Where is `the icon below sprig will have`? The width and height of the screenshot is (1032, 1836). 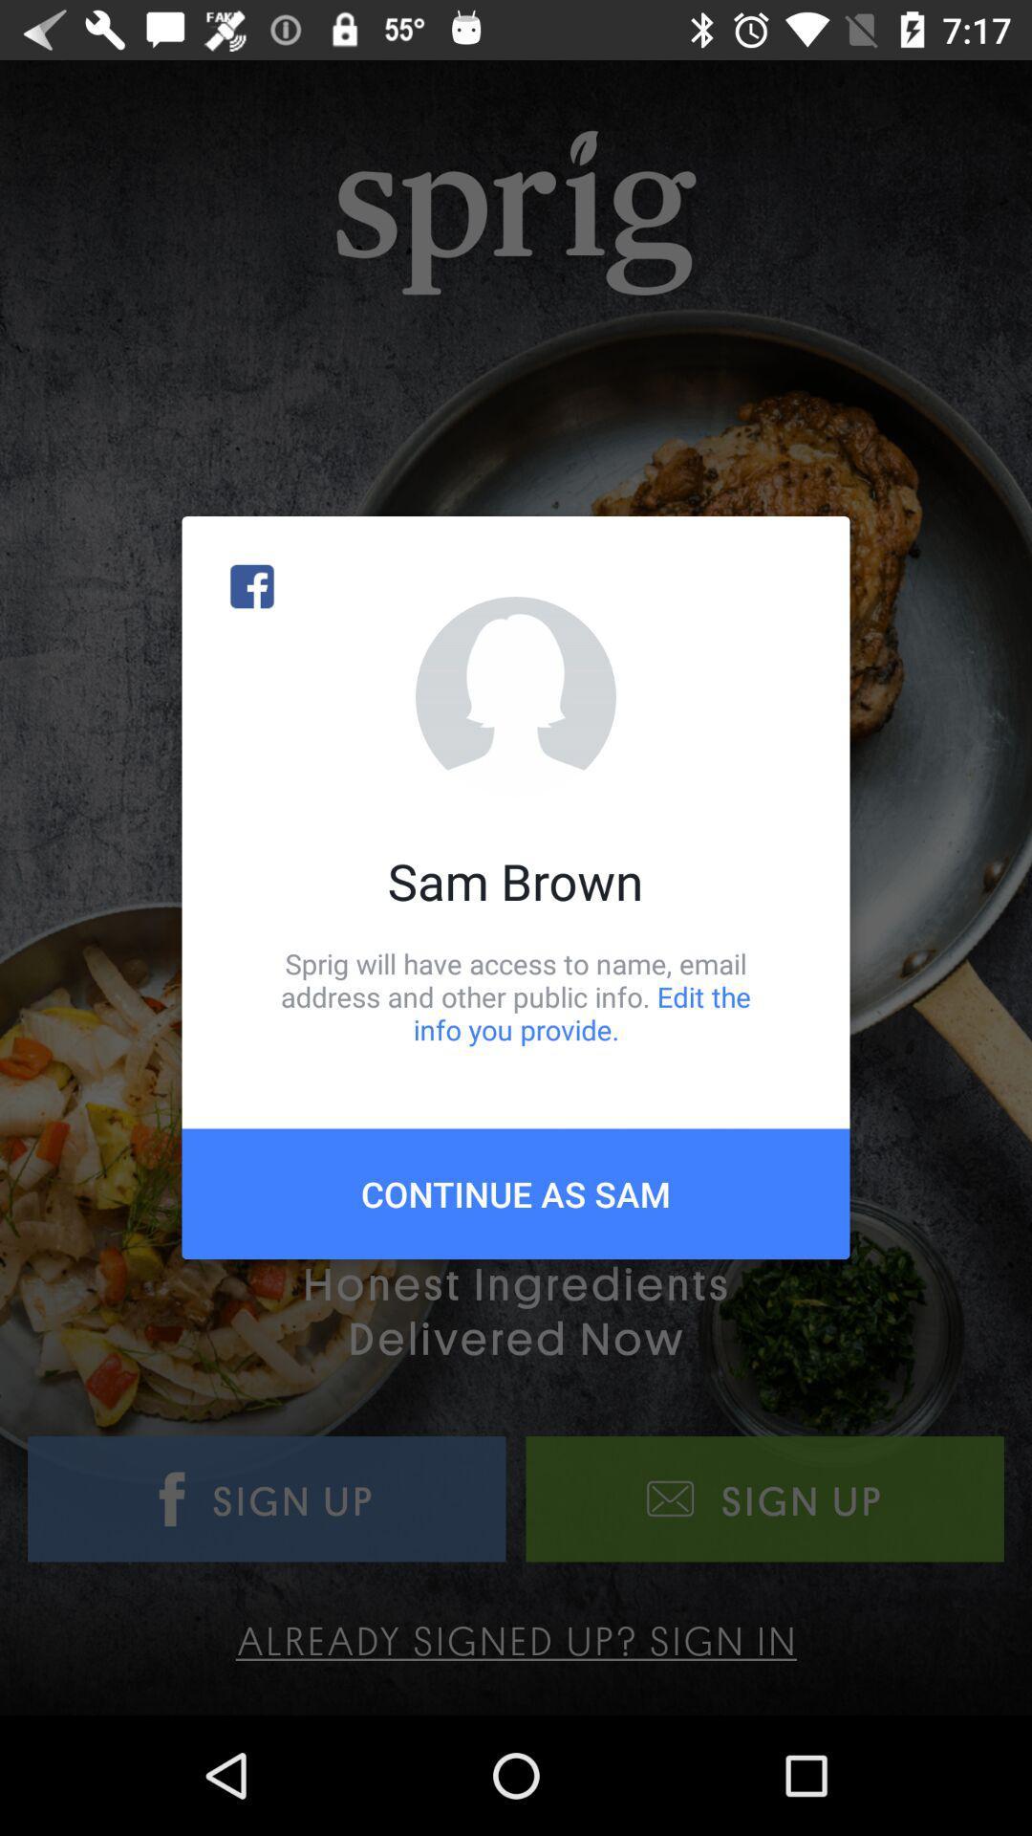 the icon below sprig will have is located at coordinates (516, 1192).